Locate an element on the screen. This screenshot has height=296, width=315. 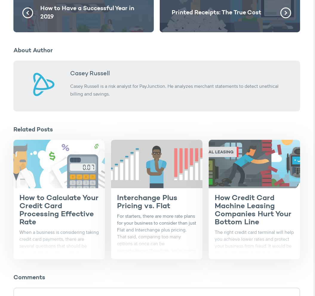
'Related Posts' is located at coordinates (33, 130).